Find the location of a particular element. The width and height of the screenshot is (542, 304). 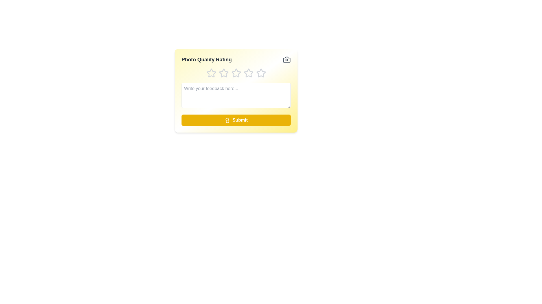

the star corresponding to the rating 2 is located at coordinates (223, 73).